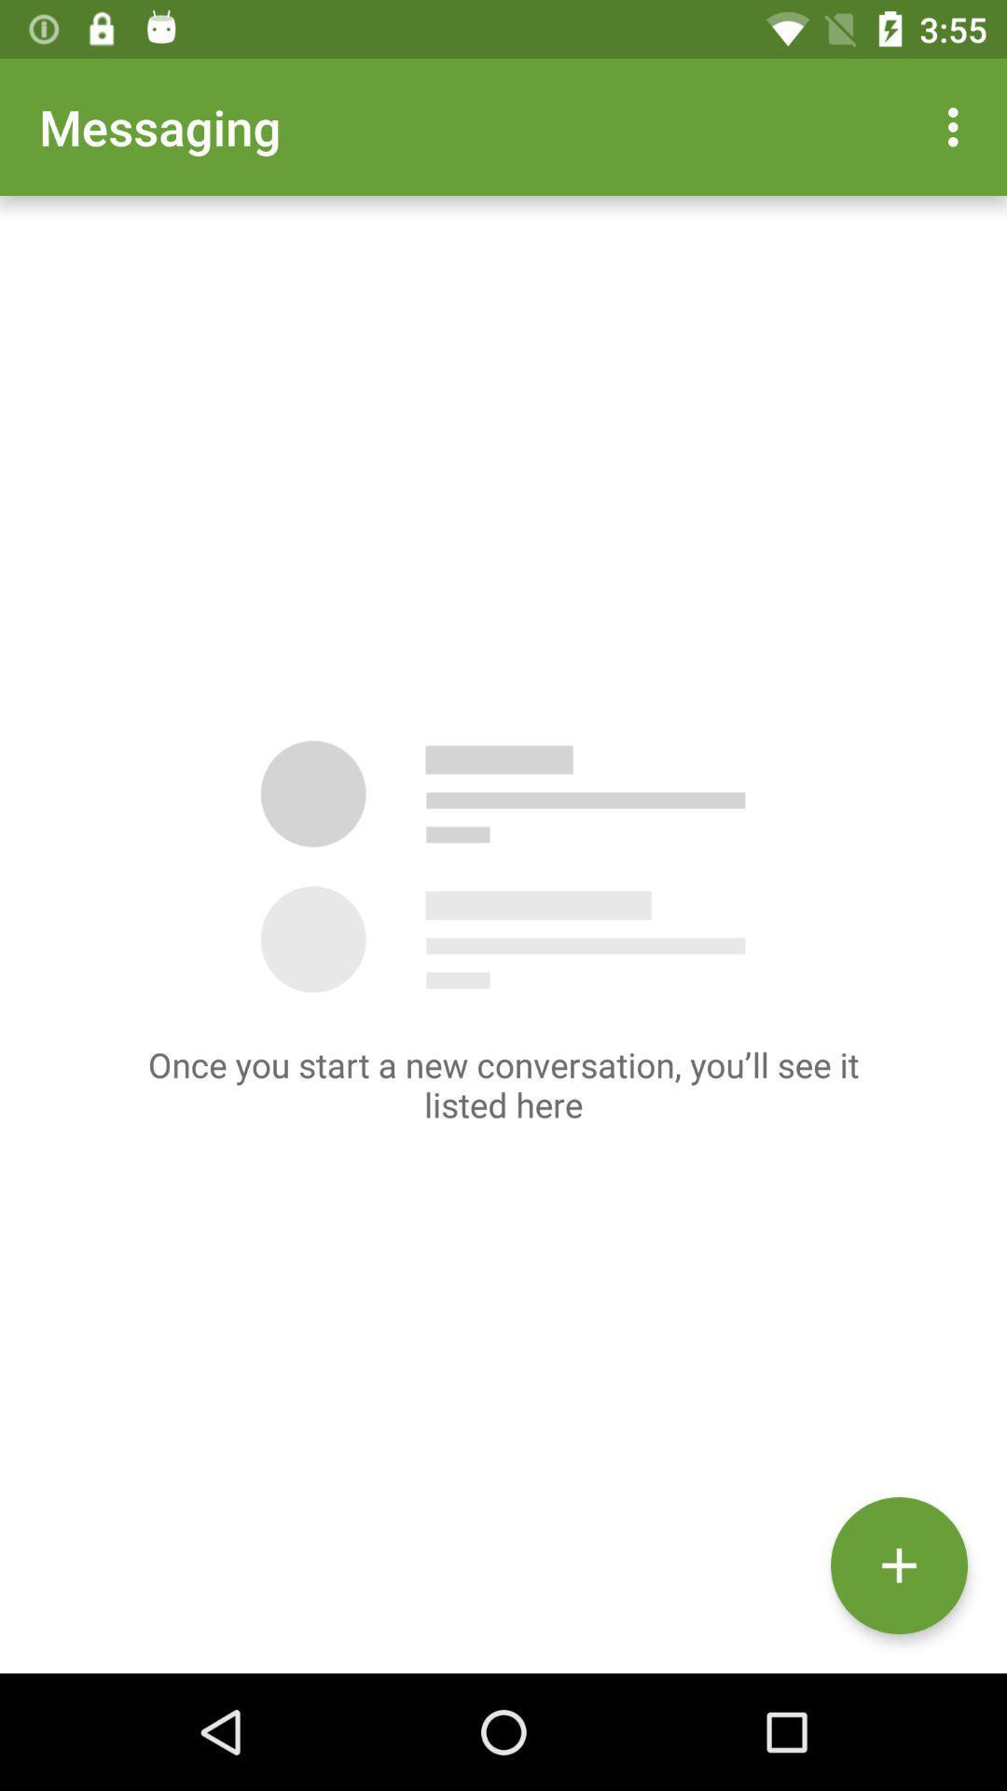 The image size is (1007, 1791). What do you see at coordinates (898, 1565) in the screenshot?
I see `the add icon` at bounding box center [898, 1565].